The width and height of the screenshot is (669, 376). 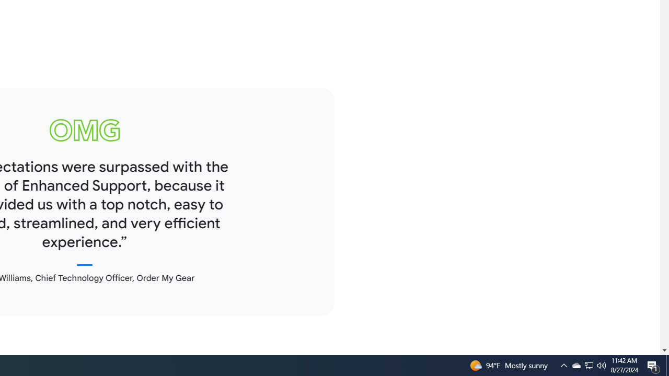 I want to click on 'omg logo', so click(x=84, y=130).